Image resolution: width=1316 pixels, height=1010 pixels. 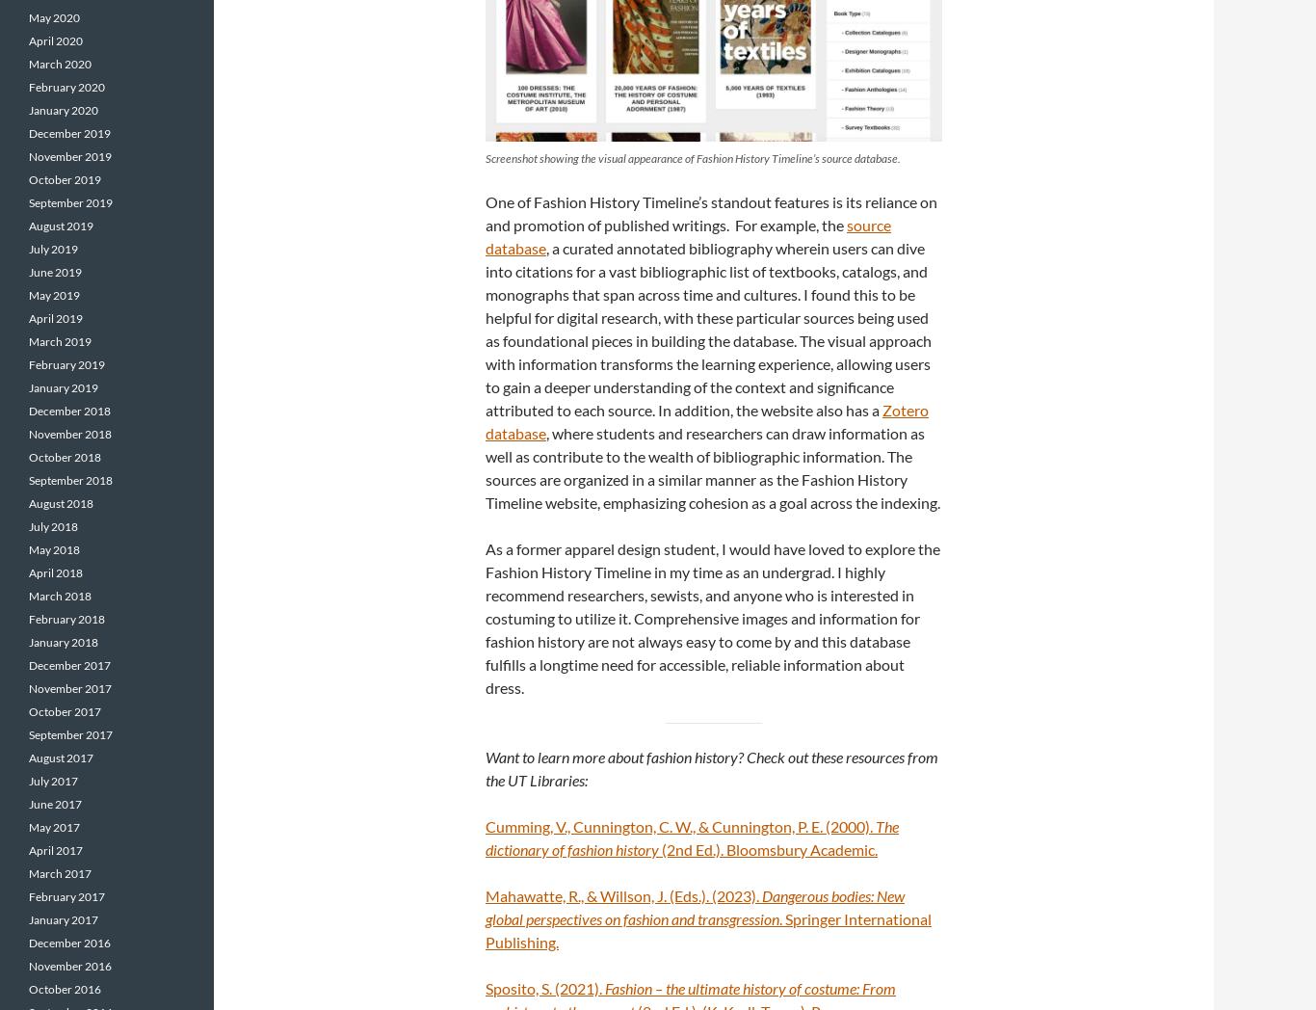 I want to click on 'June 2017', so click(x=55, y=804).